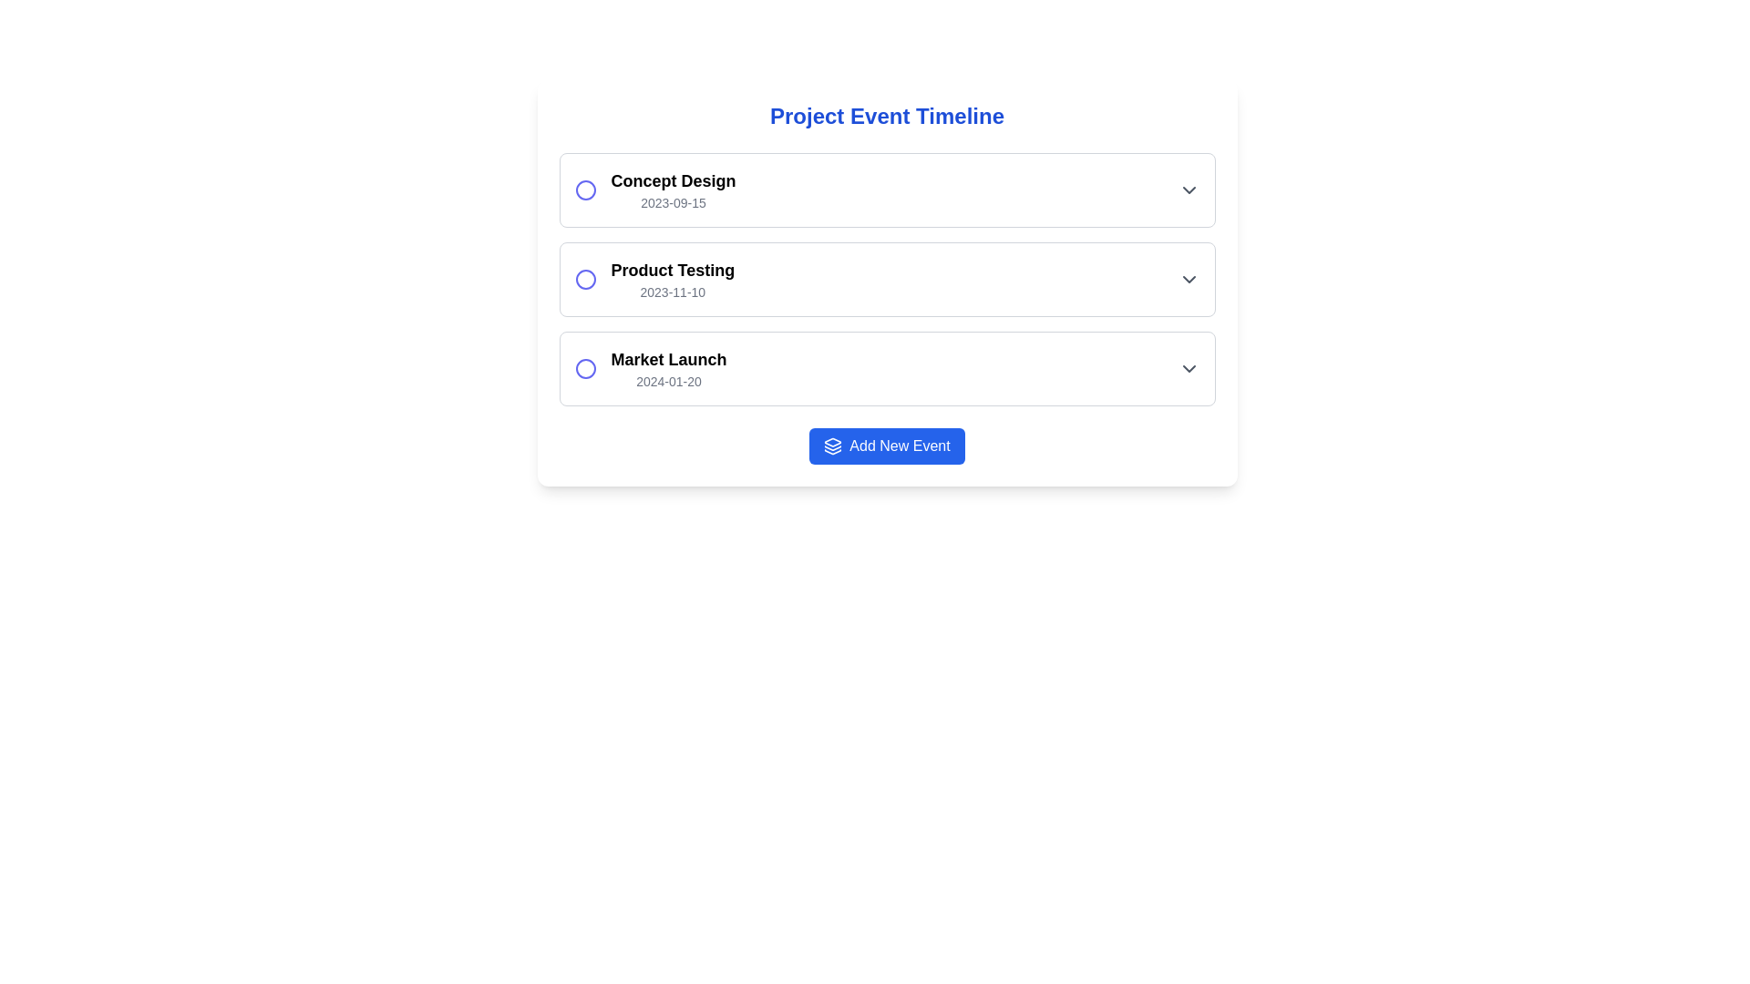 The image size is (1750, 984). I want to click on the second Interactive Card titled 'Product Testing' in the Project Event Timeline, so click(887, 280).